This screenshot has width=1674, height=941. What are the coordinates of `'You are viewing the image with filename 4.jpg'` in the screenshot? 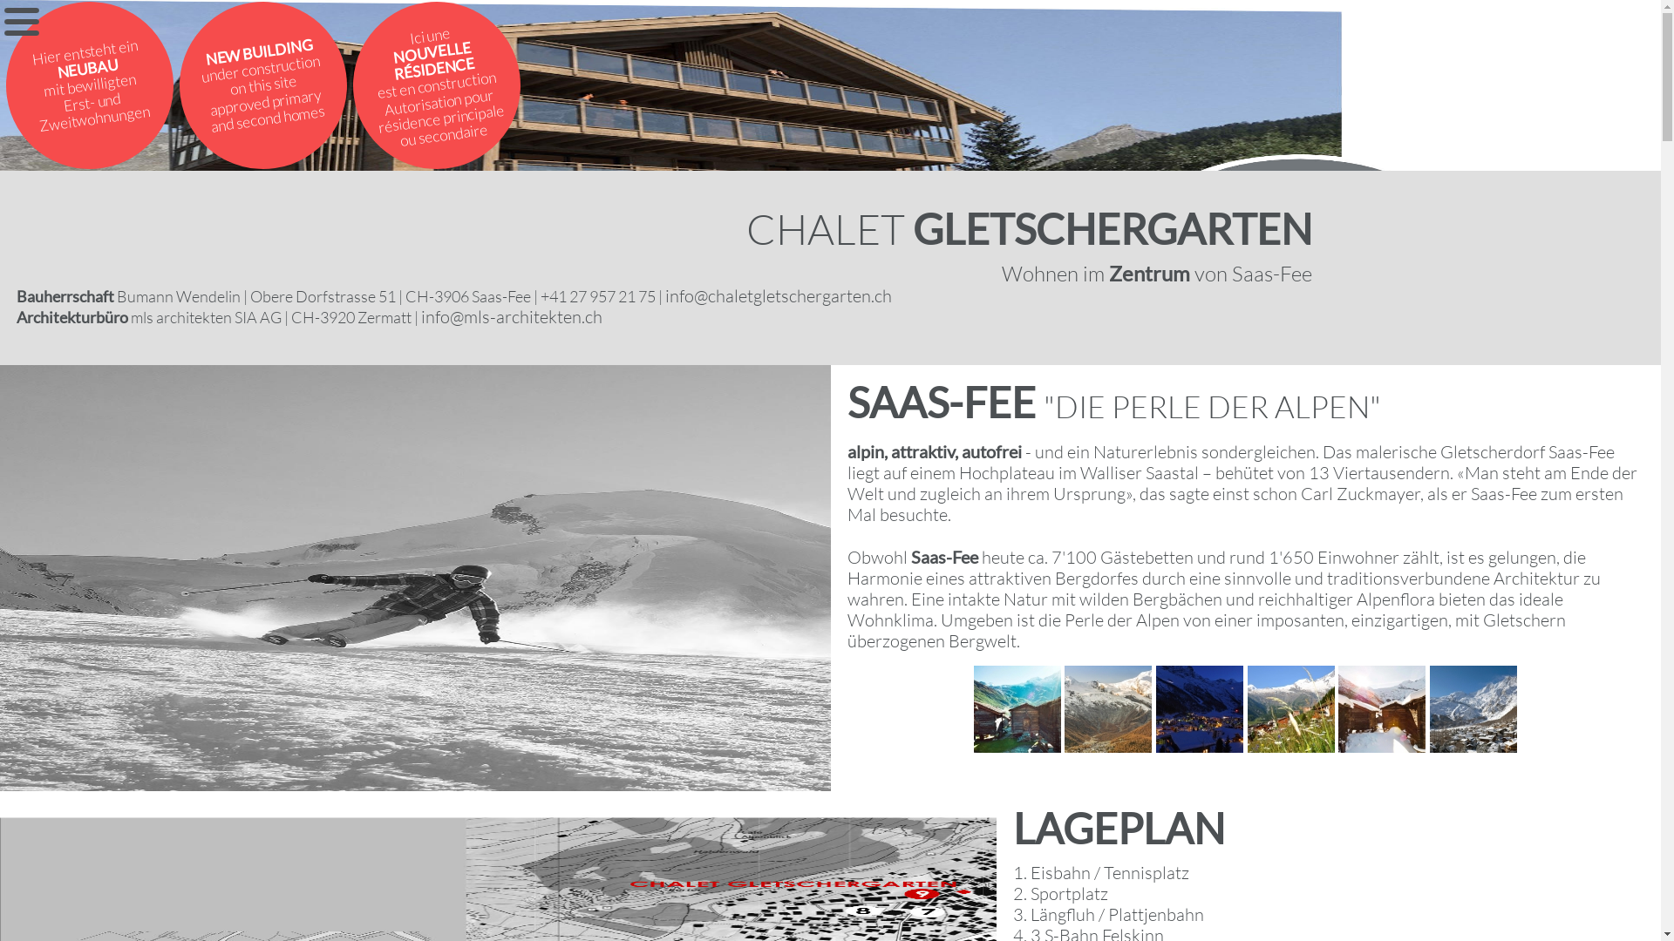 It's located at (1291, 708).